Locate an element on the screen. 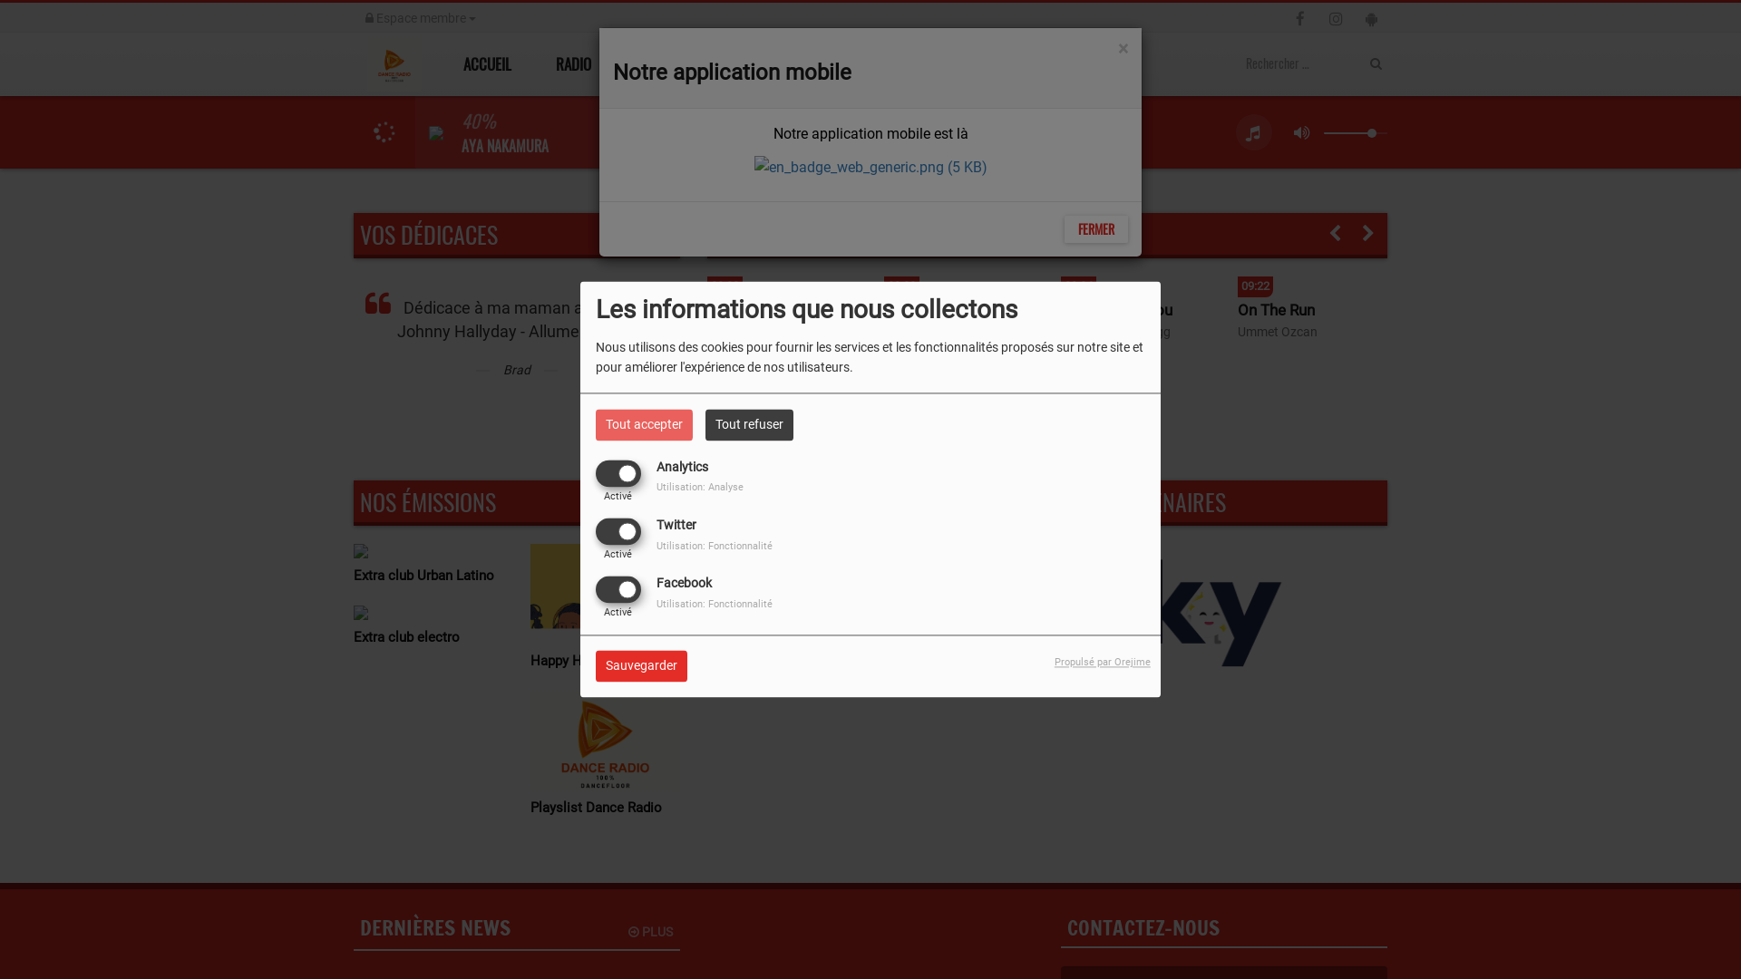  '09:22' is located at coordinates (1312, 283).